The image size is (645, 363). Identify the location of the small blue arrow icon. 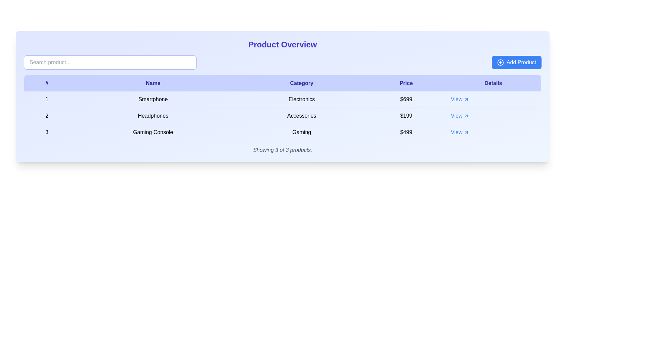
(466, 115).